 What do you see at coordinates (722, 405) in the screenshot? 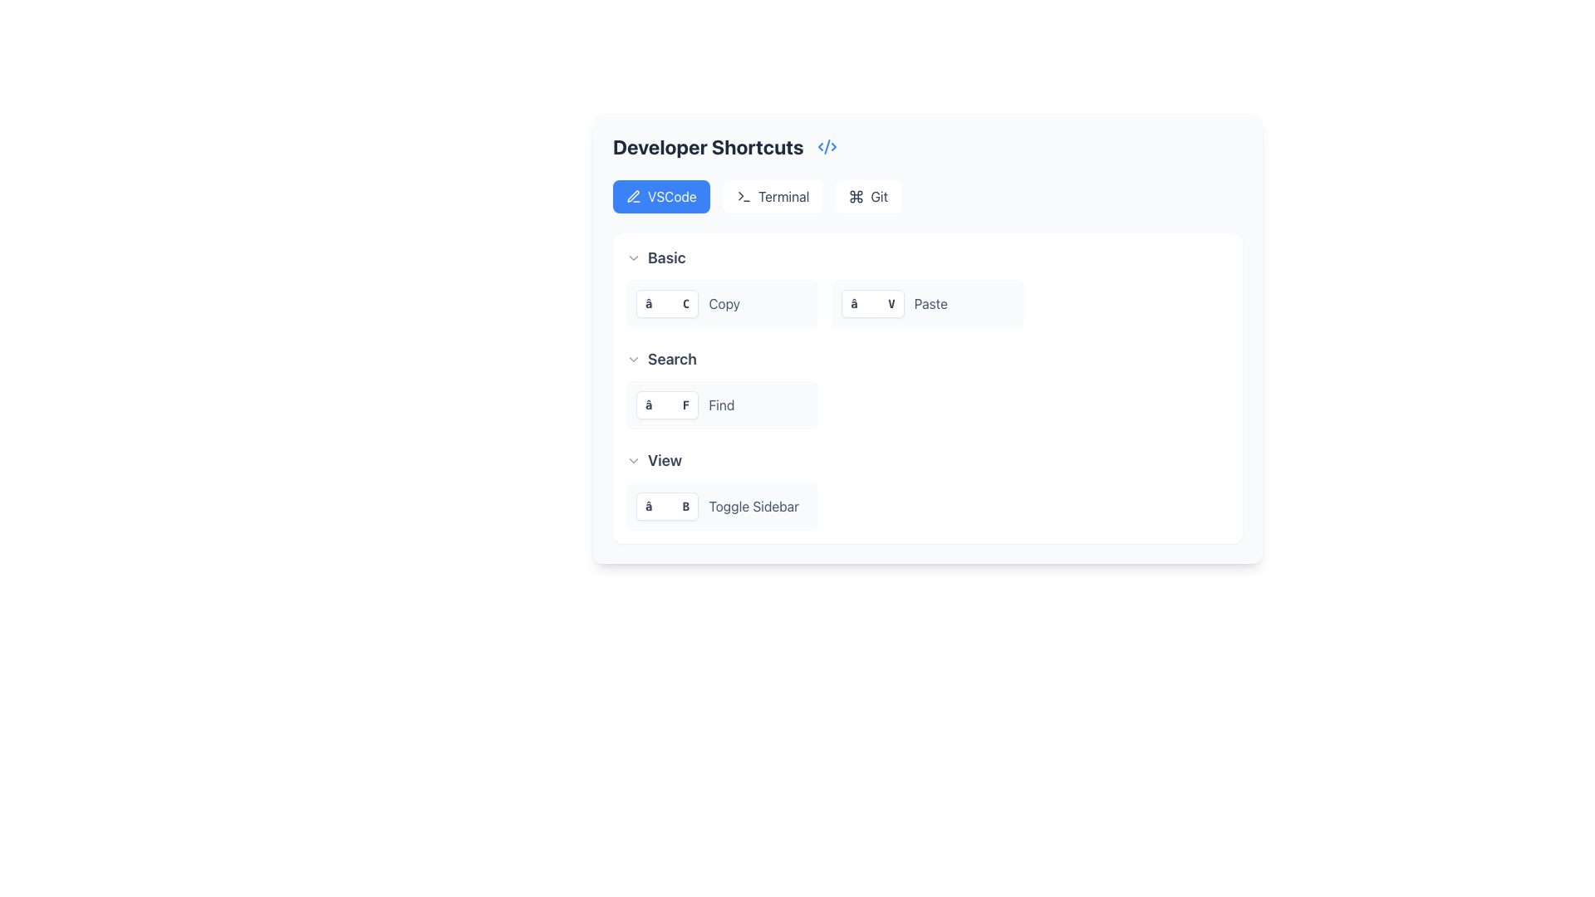
I see `the labeled shortcut display element for 'Find', which features a '⌘ F' keyboard shortcut and is located` at bounding box center [722, 405].